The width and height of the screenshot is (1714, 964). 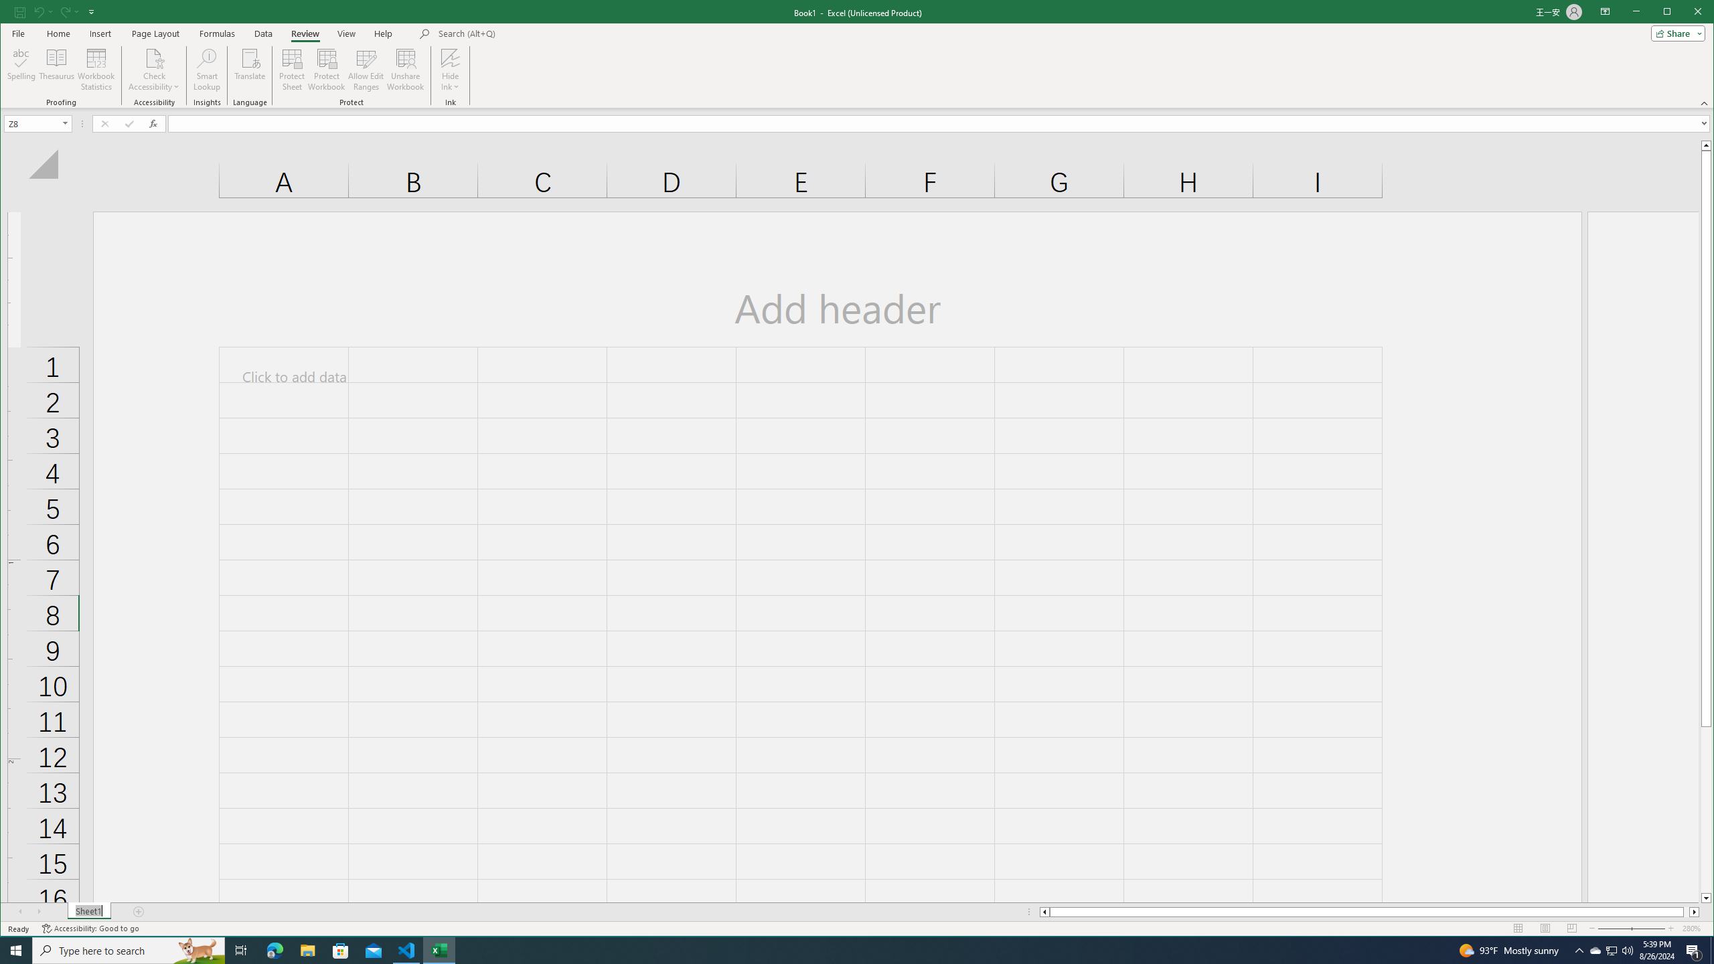 What do you see at coordinates (17, 33) in the screenshot?
I see `'File Tab'` at bounding box center [17, 33].